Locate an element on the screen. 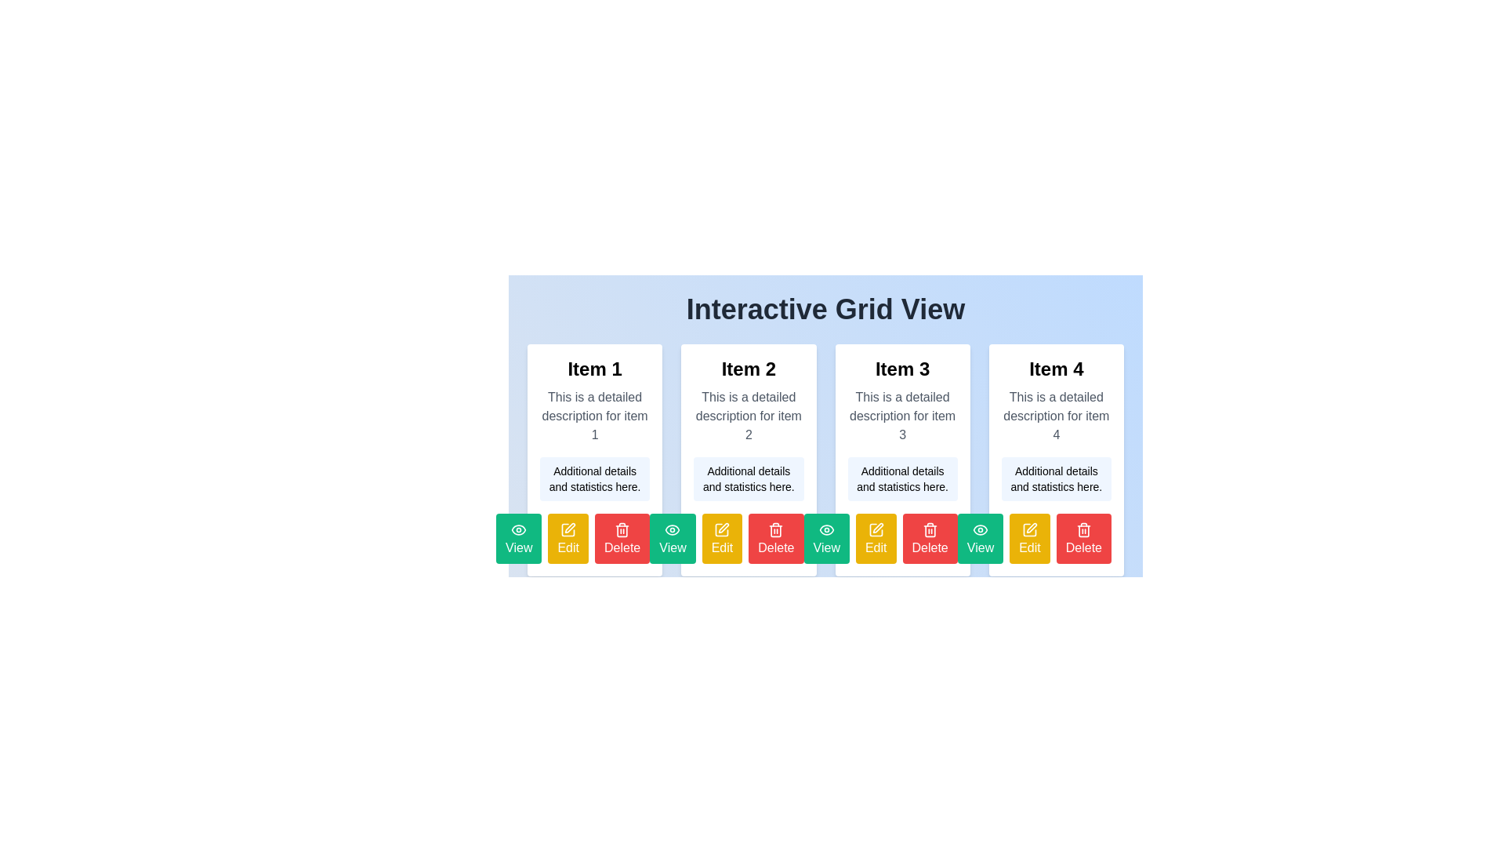 The width and height of the screenshot is (1505, 847). the trash icon within the 'Delete' button located at the lower center region of the 'Item 2' card is located at coordinates (622, 529).